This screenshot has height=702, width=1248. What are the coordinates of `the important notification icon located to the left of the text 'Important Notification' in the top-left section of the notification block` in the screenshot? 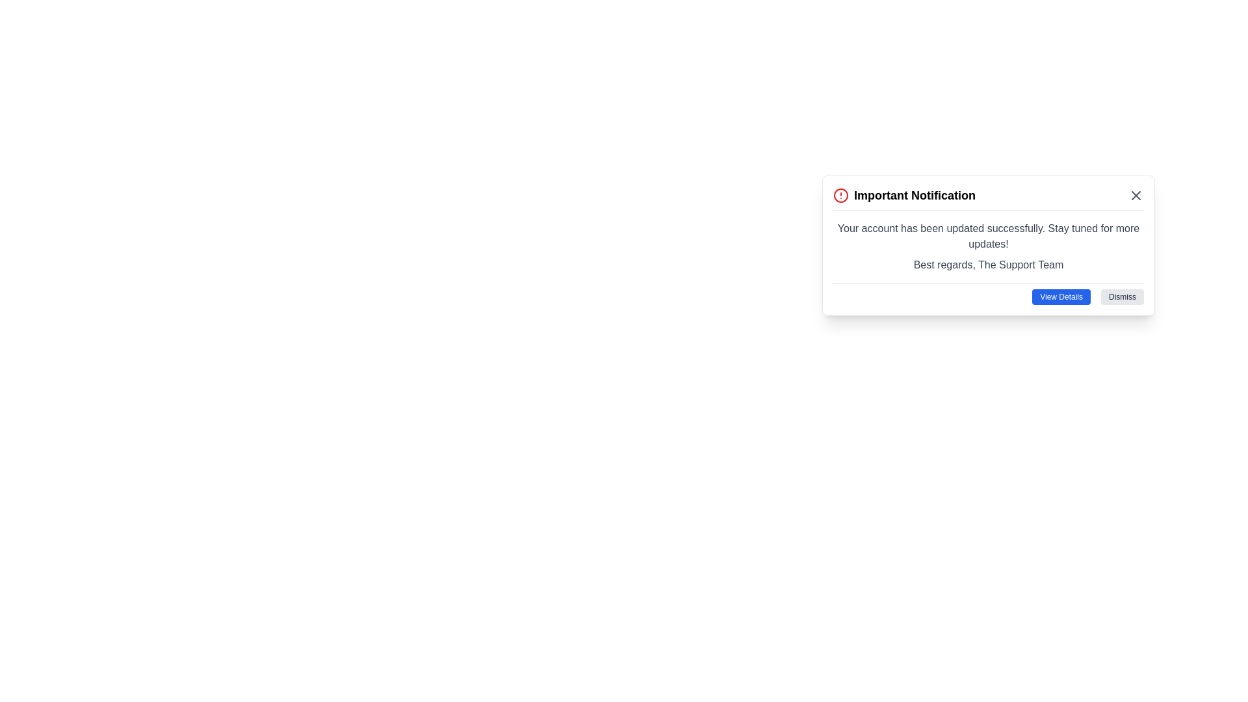 It's located at (841, 195).